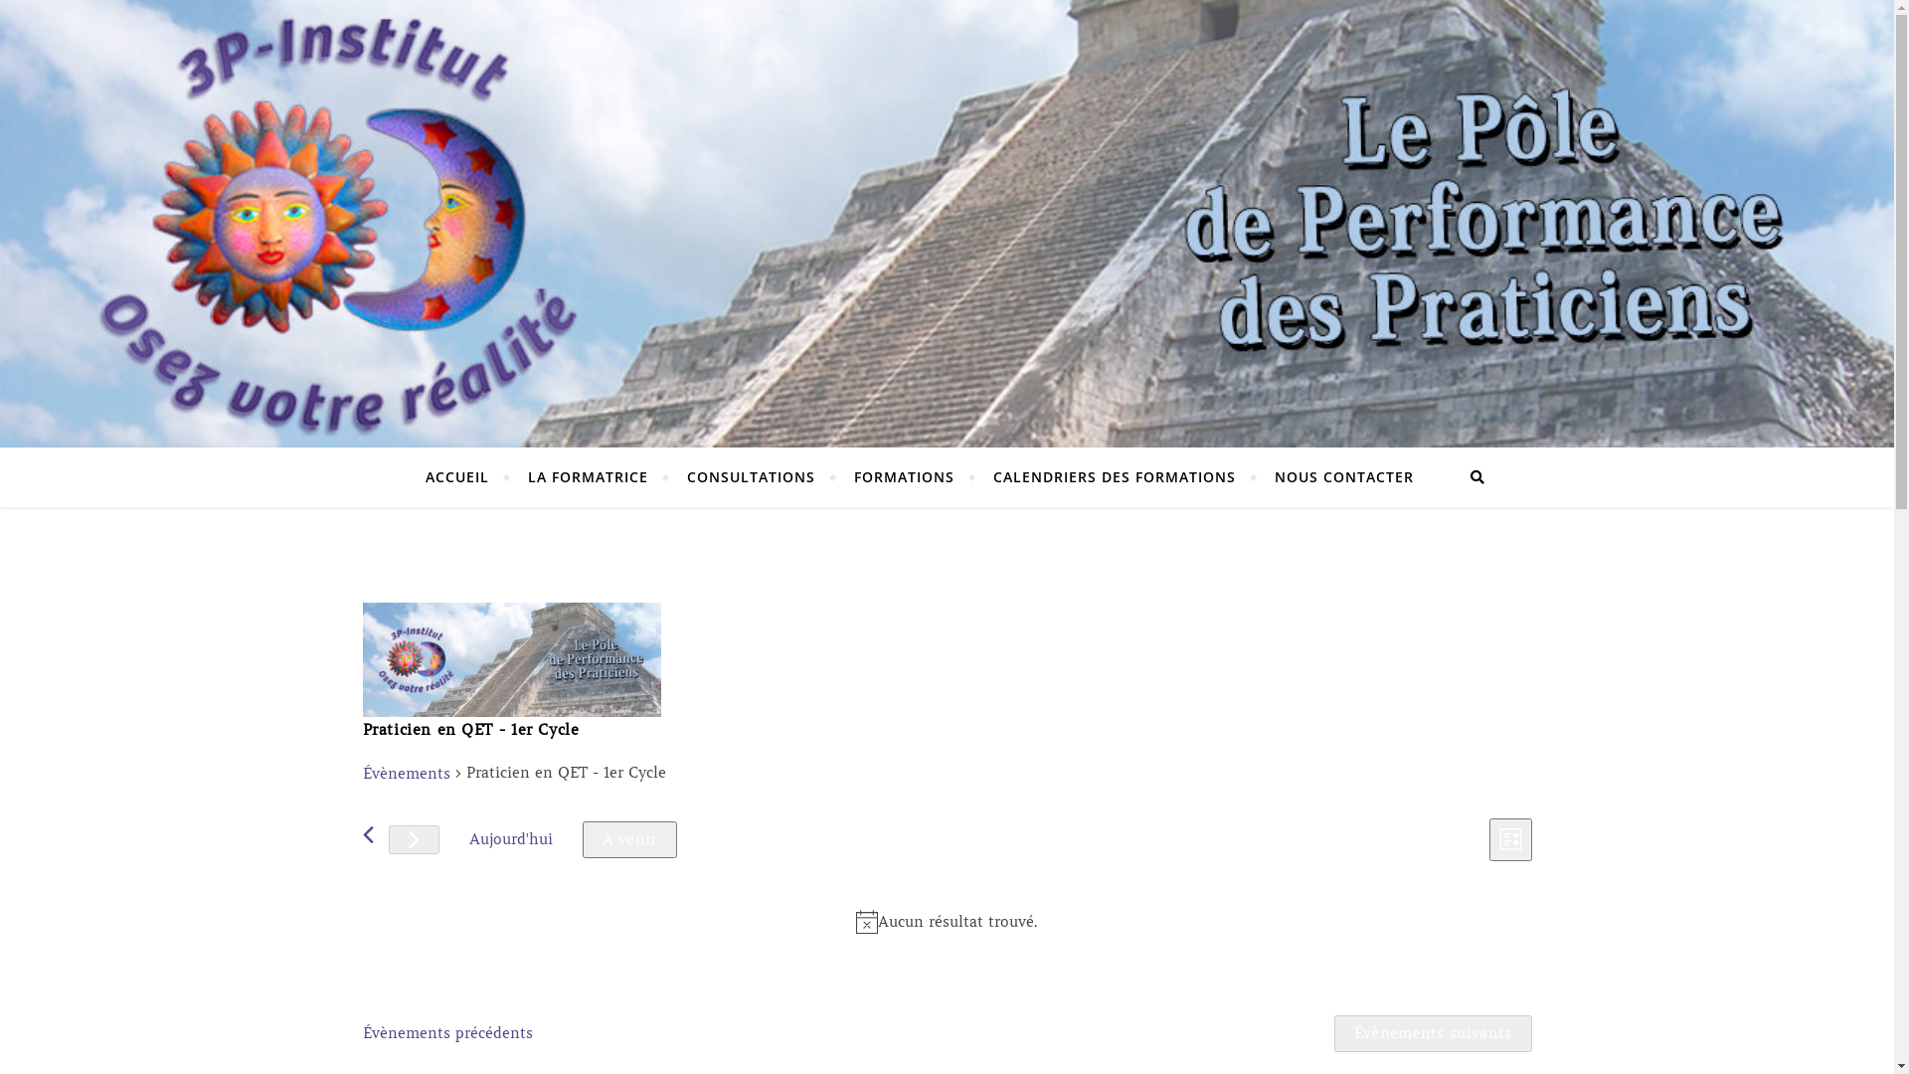 Image resolution: width=1909 pixels, height=1074 pixels. What do you see at coordinates (836, 476) in the screenshot?
I see `'FORMATIONS'` at bounding box center [836, 476].